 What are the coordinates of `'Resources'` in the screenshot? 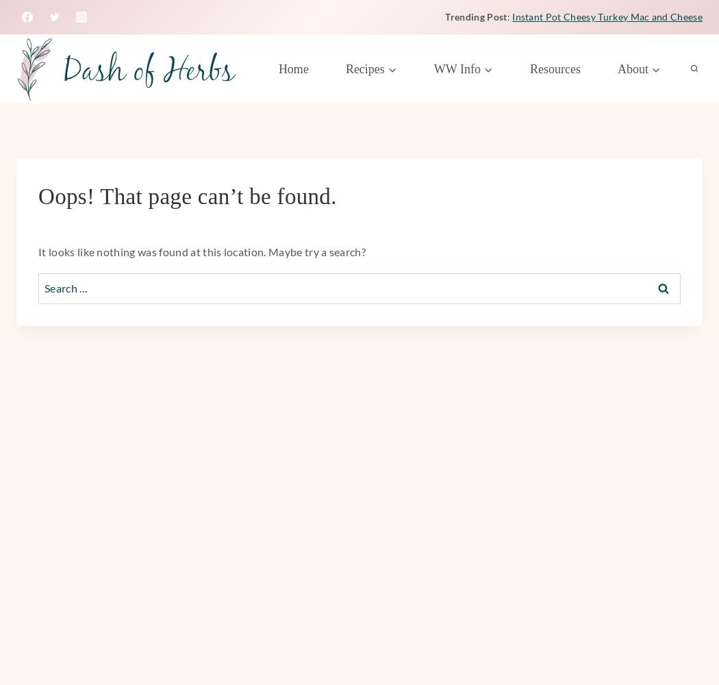 It's located at (529, 68).